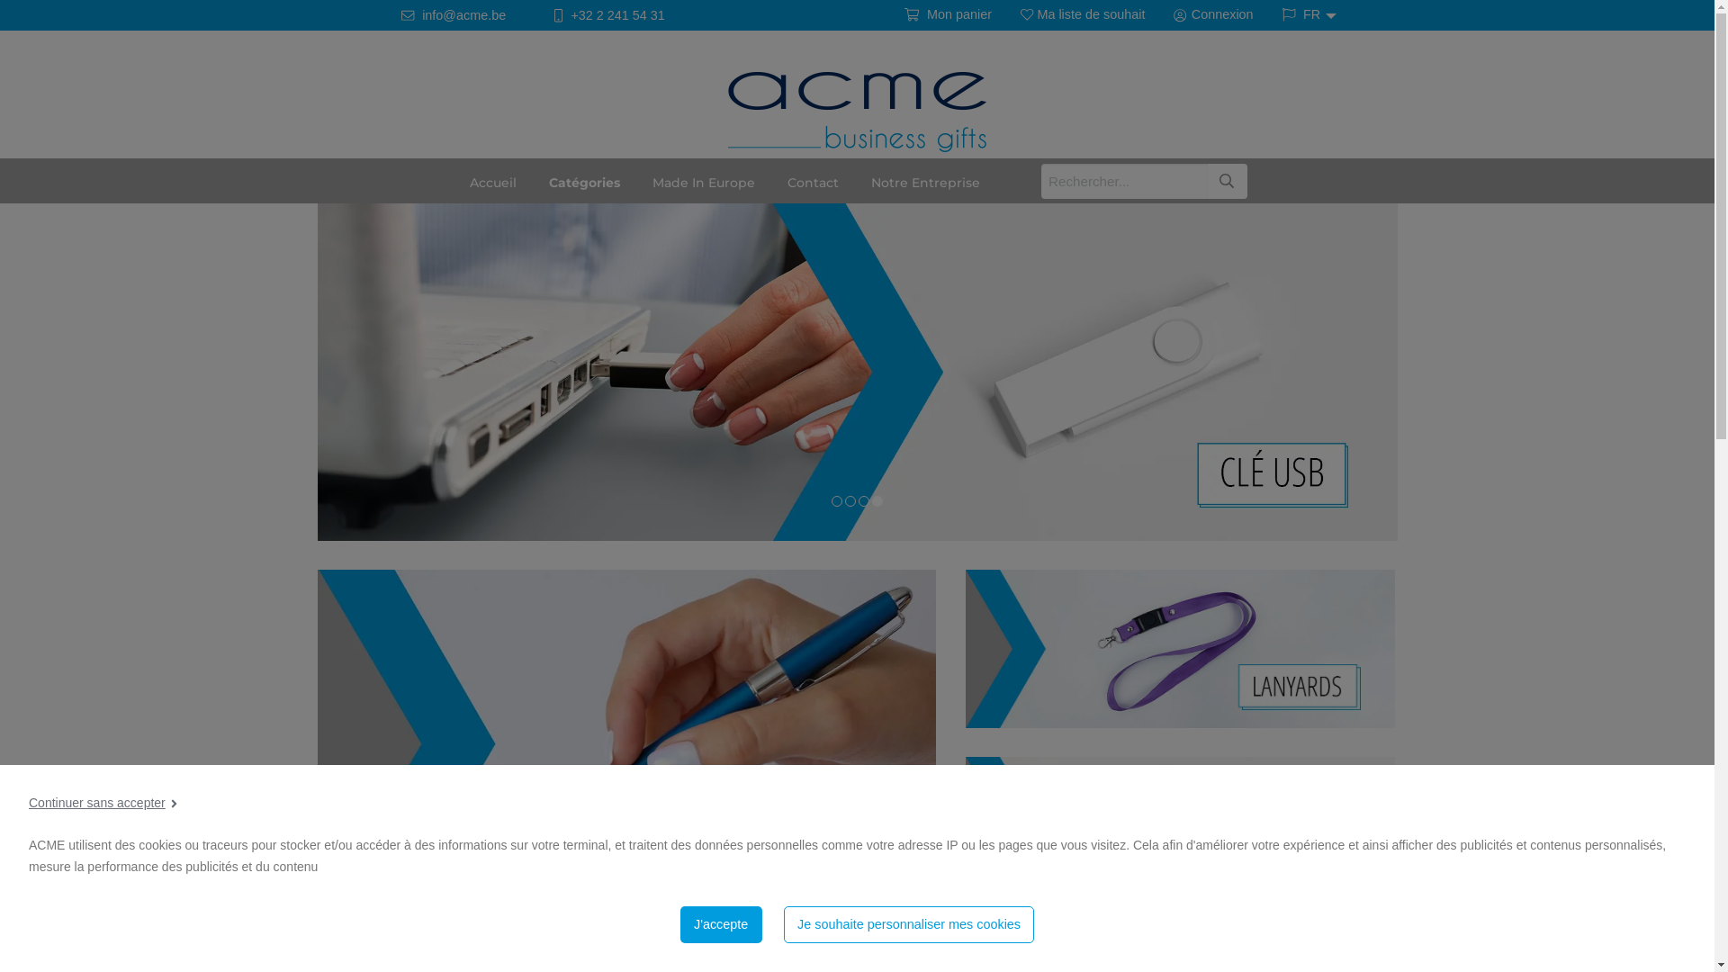 The height and width of the screenshot is (972, 1728). Describe the element at coordinates (771, 180) in the screenshot. I see `'Contact'` at that location.